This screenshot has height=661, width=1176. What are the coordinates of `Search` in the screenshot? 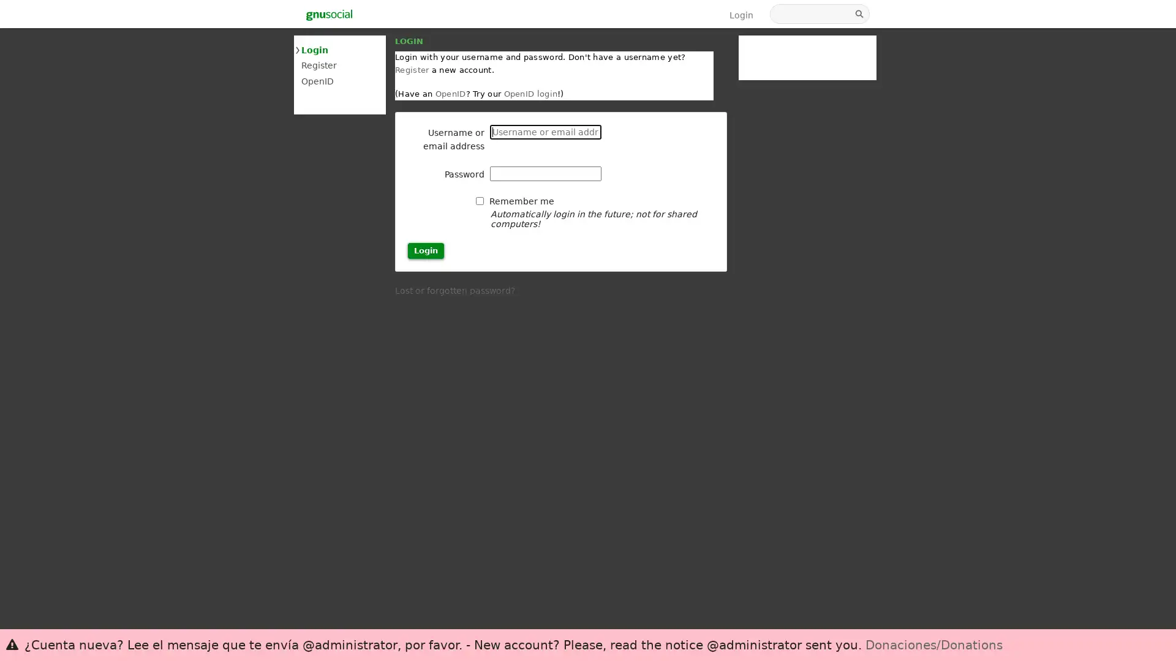 It's located at (860, 14).